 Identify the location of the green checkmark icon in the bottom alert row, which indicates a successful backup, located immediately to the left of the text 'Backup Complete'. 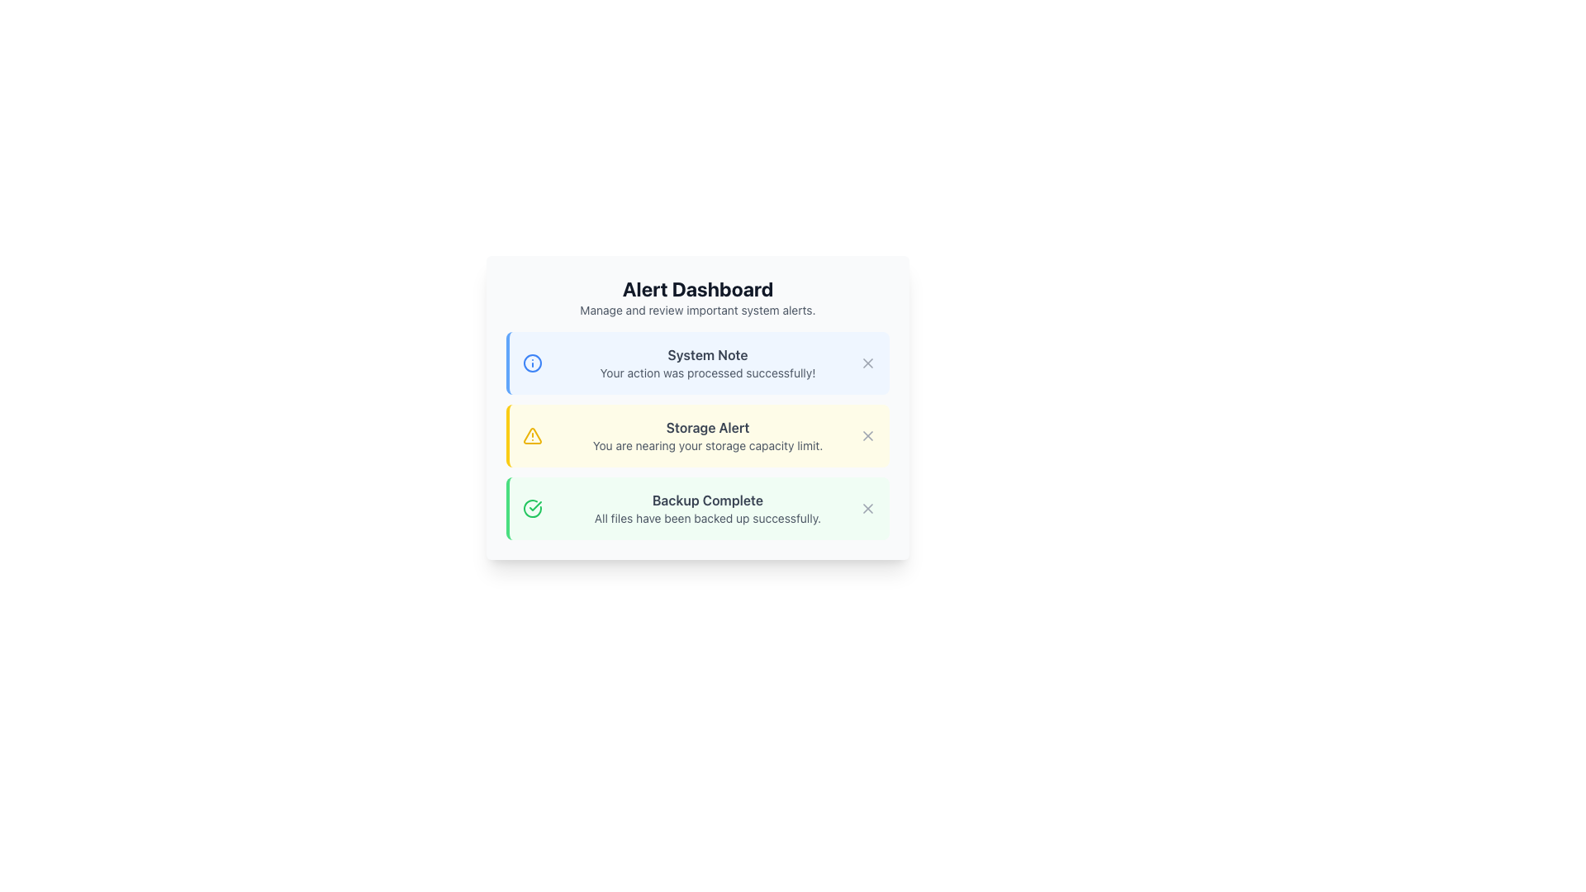
(532, 508).